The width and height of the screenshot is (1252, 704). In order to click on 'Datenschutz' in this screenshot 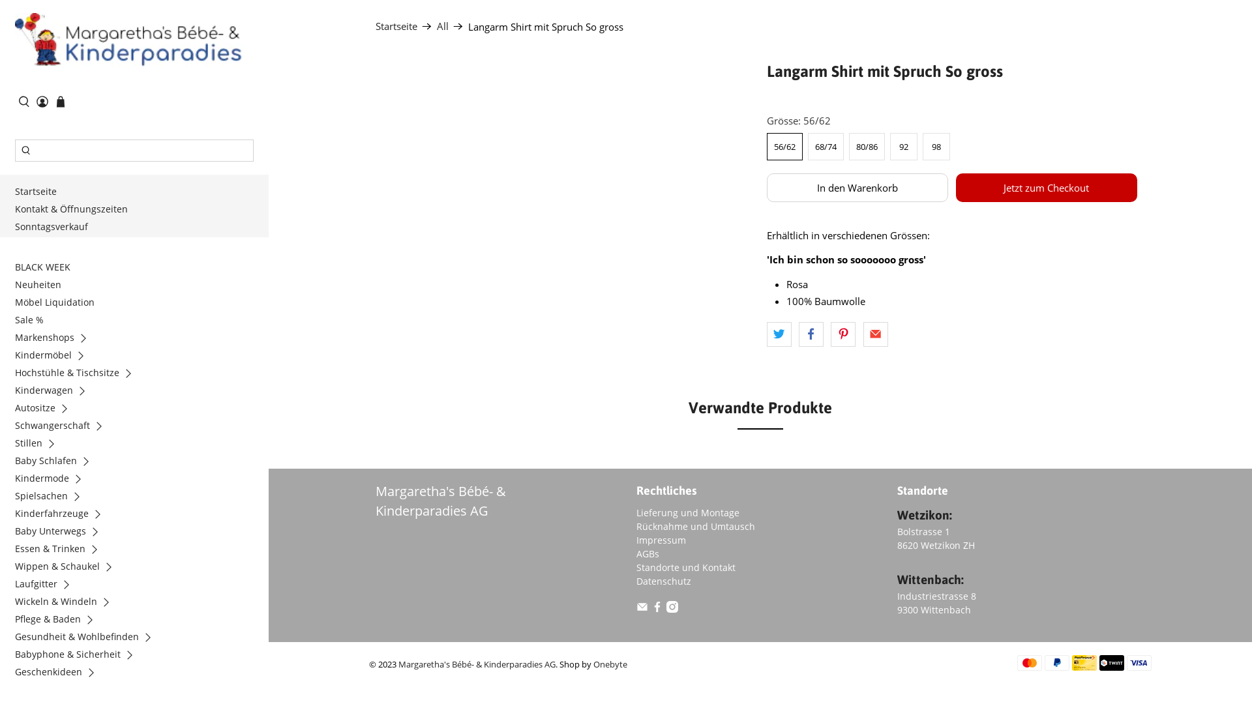, I will do `click(663, 580)`.